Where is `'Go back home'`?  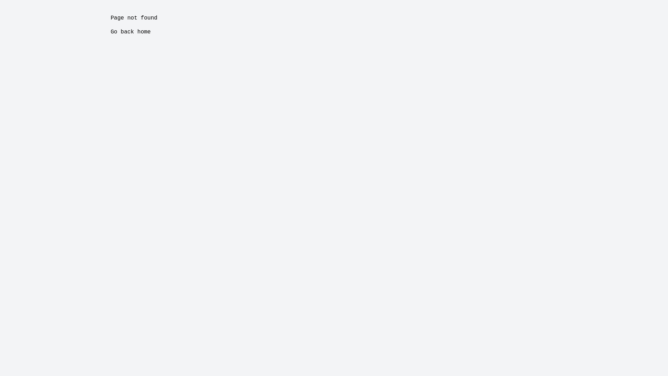
'Go back home' is located at coordinates (130, 32).